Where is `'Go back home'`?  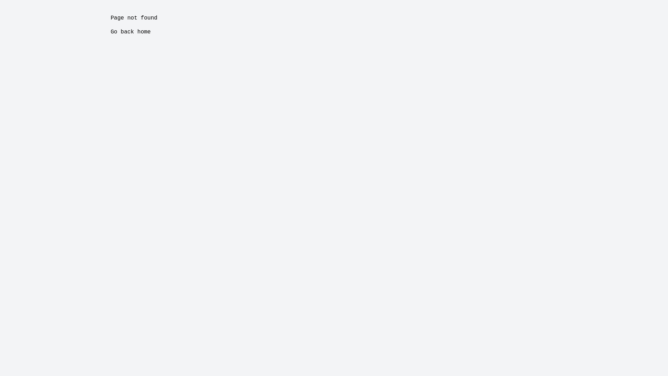
'Go back home' is located at coordinates (130, 32).